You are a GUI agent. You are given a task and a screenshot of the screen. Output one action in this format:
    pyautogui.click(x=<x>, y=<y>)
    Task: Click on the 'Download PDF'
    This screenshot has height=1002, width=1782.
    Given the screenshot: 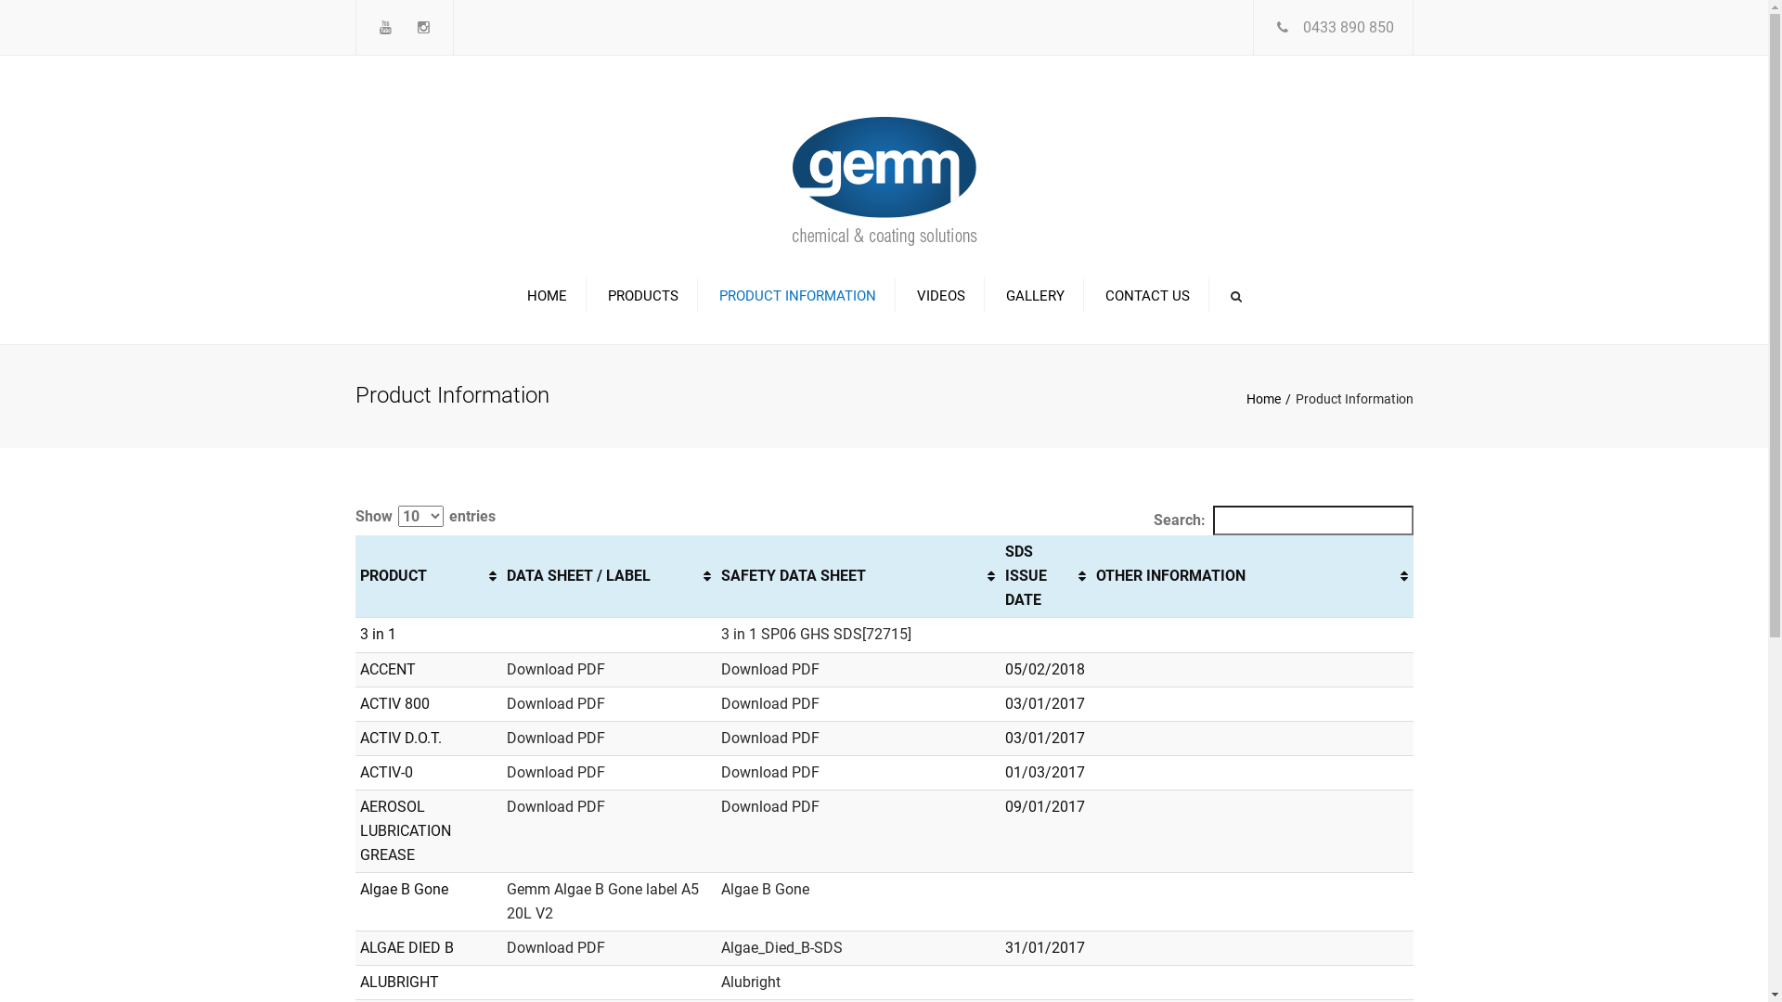 What is the action you would take?
    pyautogui.click(x=555, y=703)
    